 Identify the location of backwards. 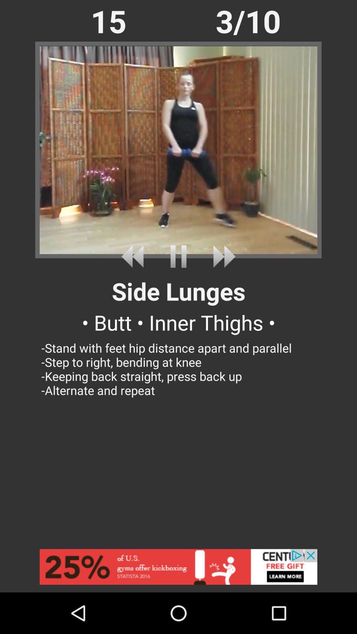
(135, 256).